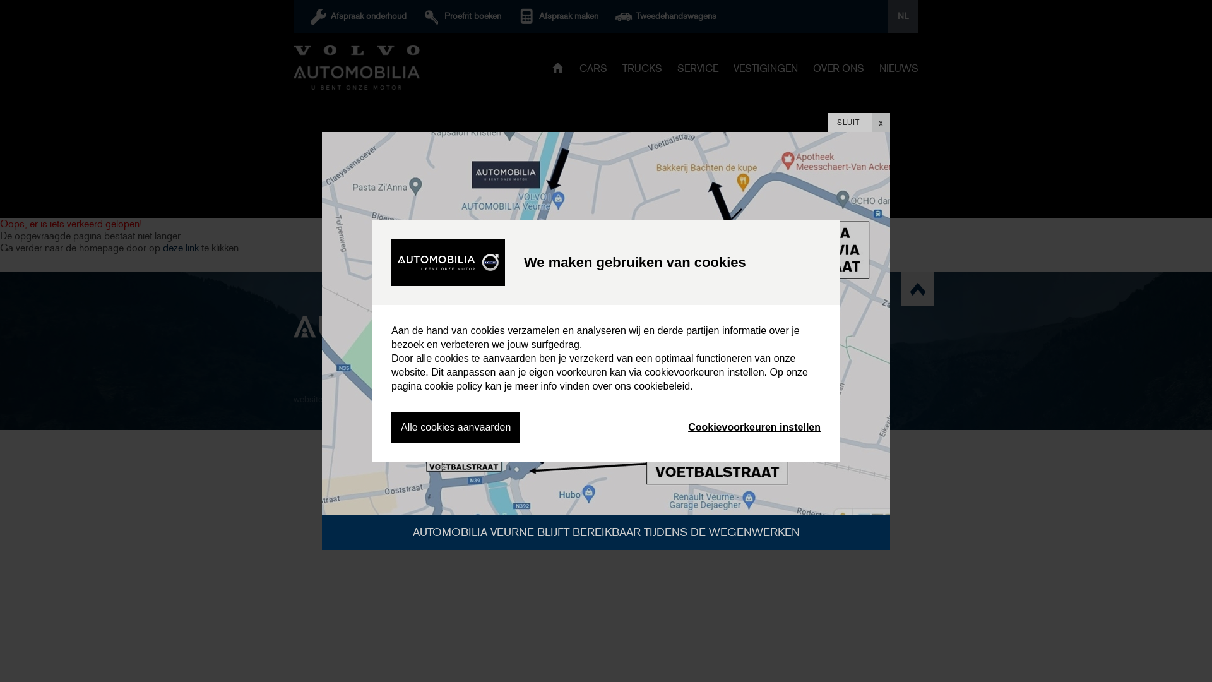 The image size is (1212, 682). Describe the element at coordinates (360, 399) in the screenshot. I see `'digicreate.be'` at that location.